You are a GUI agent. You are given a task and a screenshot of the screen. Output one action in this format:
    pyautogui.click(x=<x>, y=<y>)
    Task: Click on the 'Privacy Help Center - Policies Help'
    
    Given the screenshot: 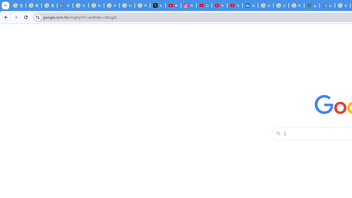 What is the action you would take?
    pyautogui.click(x=111, y=5)
    